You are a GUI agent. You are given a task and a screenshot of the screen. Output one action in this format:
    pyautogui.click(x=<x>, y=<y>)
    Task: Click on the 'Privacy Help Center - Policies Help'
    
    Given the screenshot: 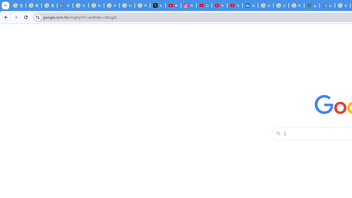 What is the action you would take?
    pyautogui.click(x=111, y=5)
    